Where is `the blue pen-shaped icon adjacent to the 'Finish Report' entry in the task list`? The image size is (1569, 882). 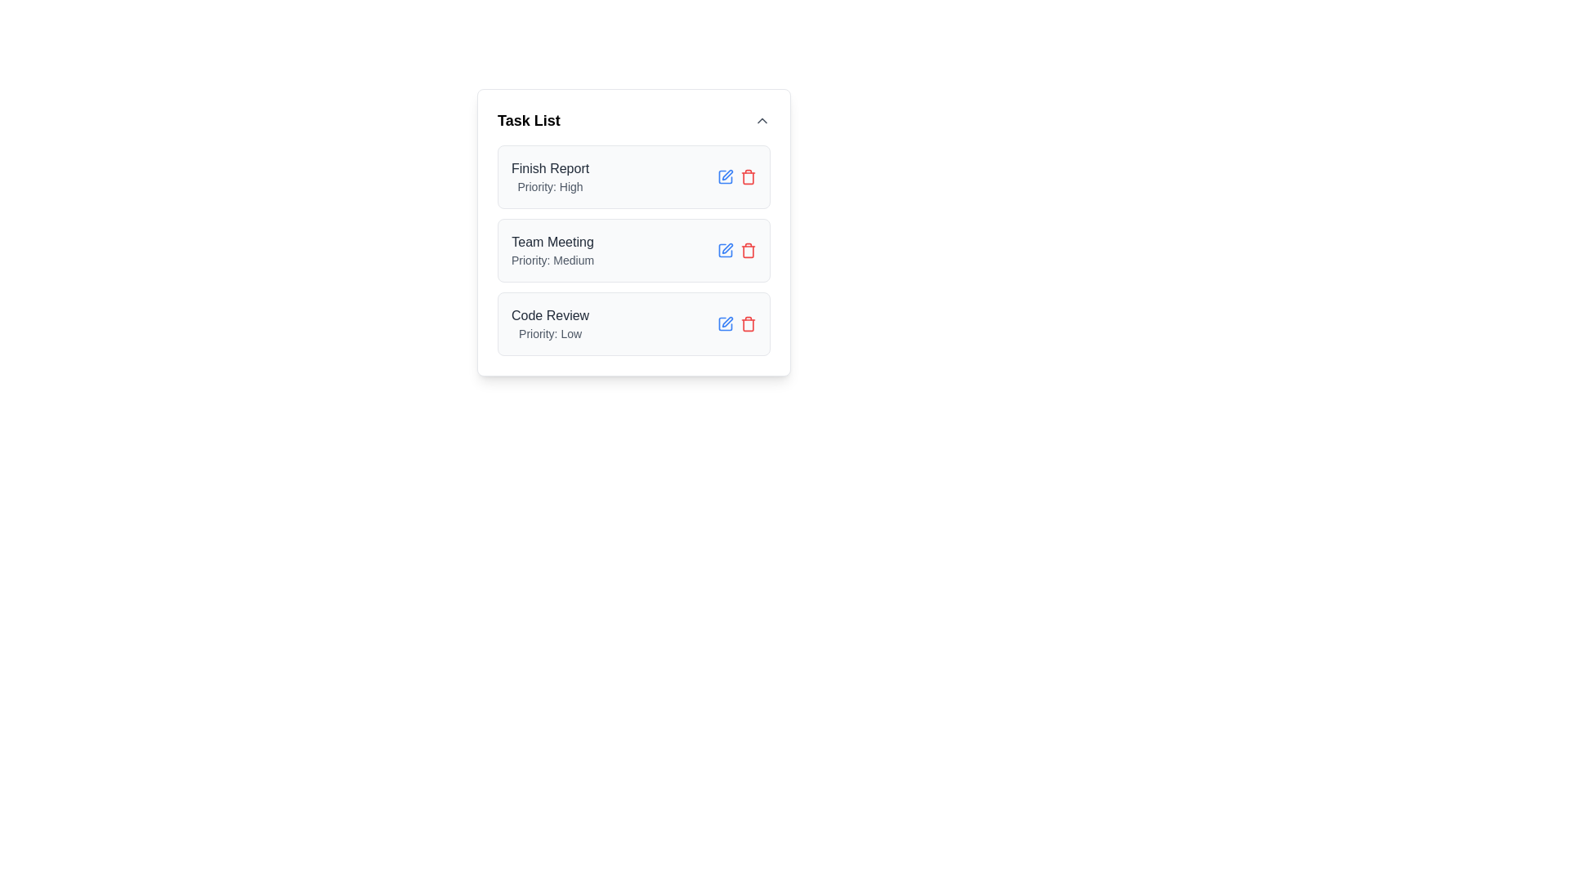
the blue pen-shaped icon adjacent to the 'Finish Report' entry in the task list is located at coordinates (725, 176).